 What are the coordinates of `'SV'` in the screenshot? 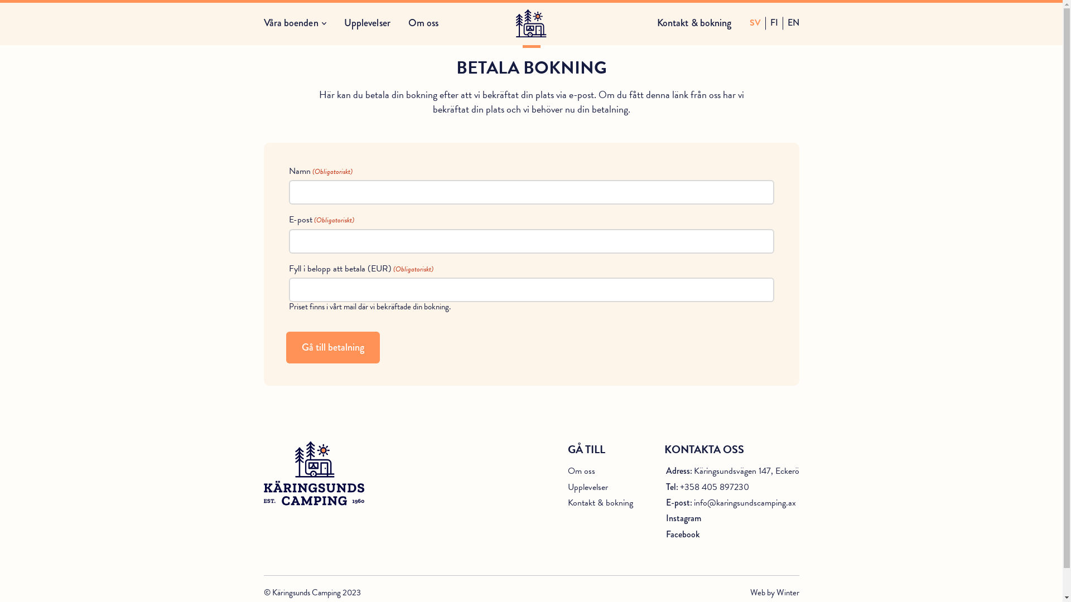 It's located at (750, 23).